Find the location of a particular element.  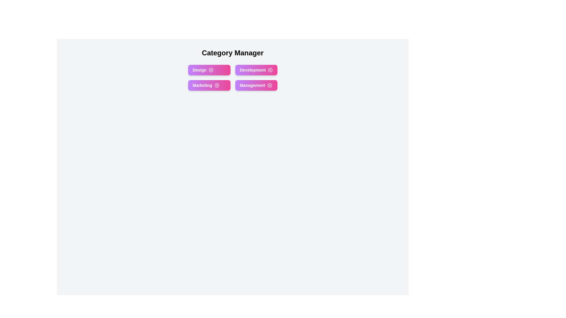

close button on the category chip labeled Marketing to remove it is located at coordinates (216, 85).